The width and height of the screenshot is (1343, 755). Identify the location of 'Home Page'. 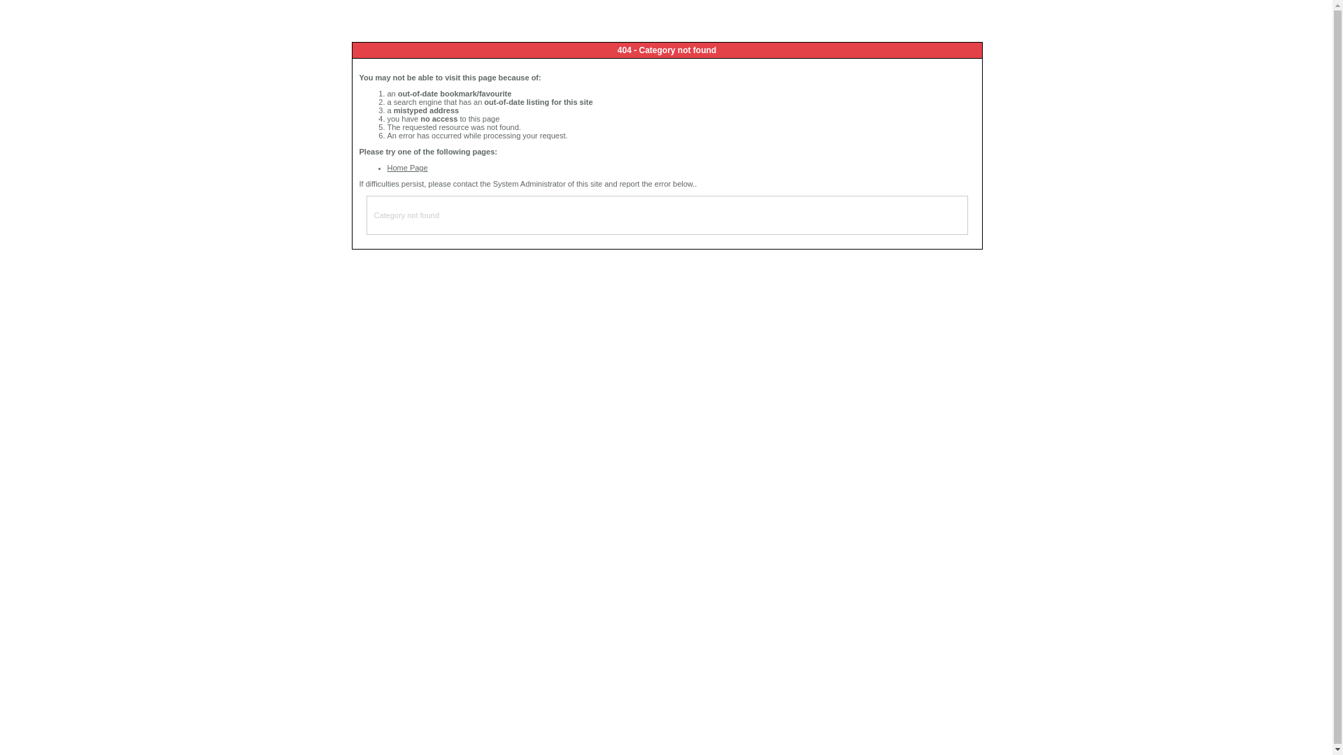
(406, 166).